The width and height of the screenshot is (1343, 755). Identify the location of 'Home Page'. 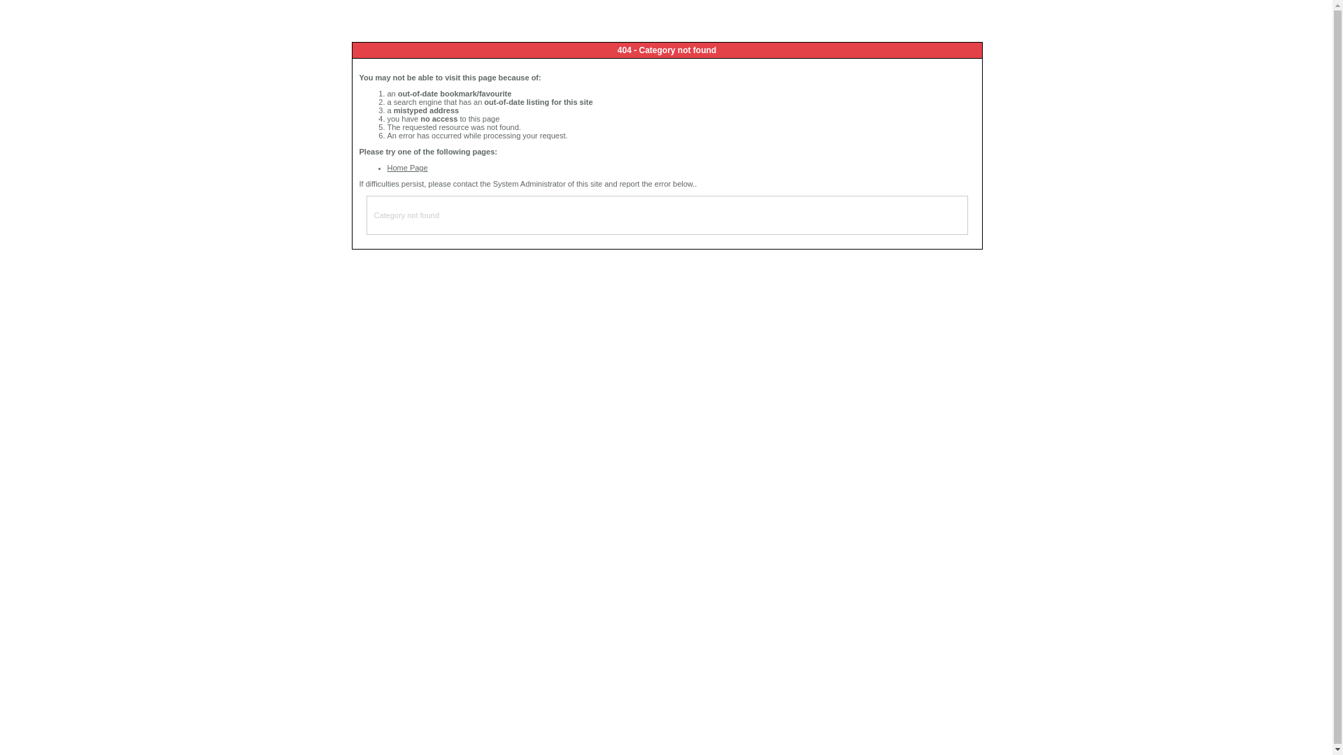
(406, 166).